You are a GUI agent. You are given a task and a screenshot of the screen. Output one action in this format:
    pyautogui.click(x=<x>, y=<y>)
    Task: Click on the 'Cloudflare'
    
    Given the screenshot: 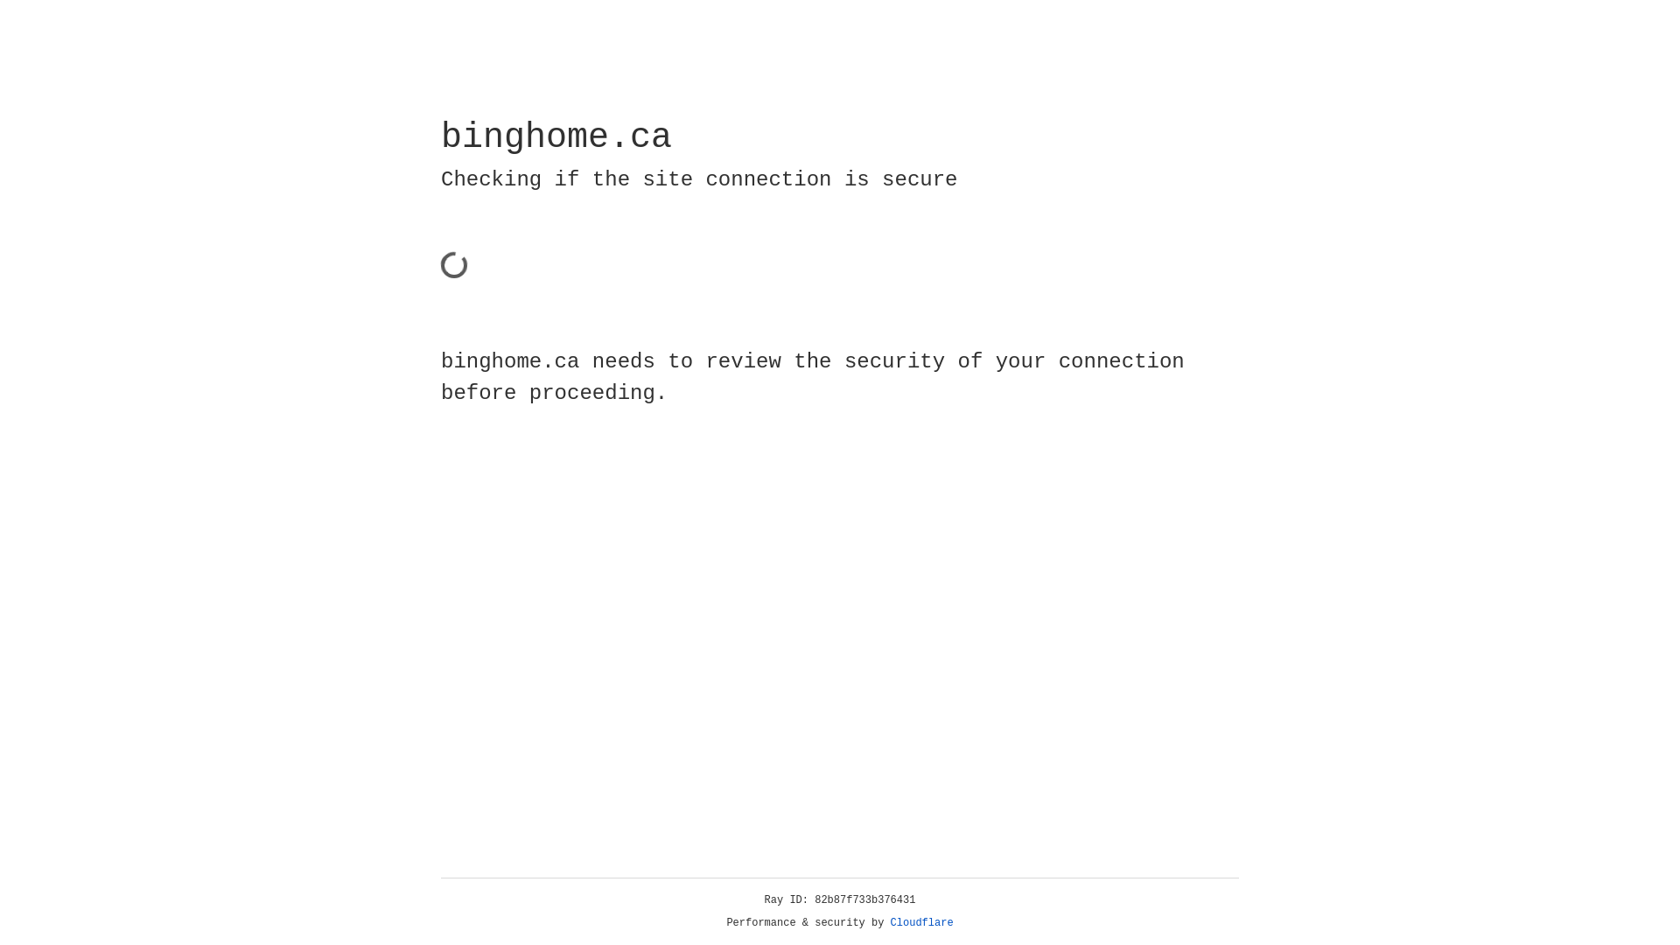 What is the action you would take?
    pyautogui.click(x=921, y=922)
    